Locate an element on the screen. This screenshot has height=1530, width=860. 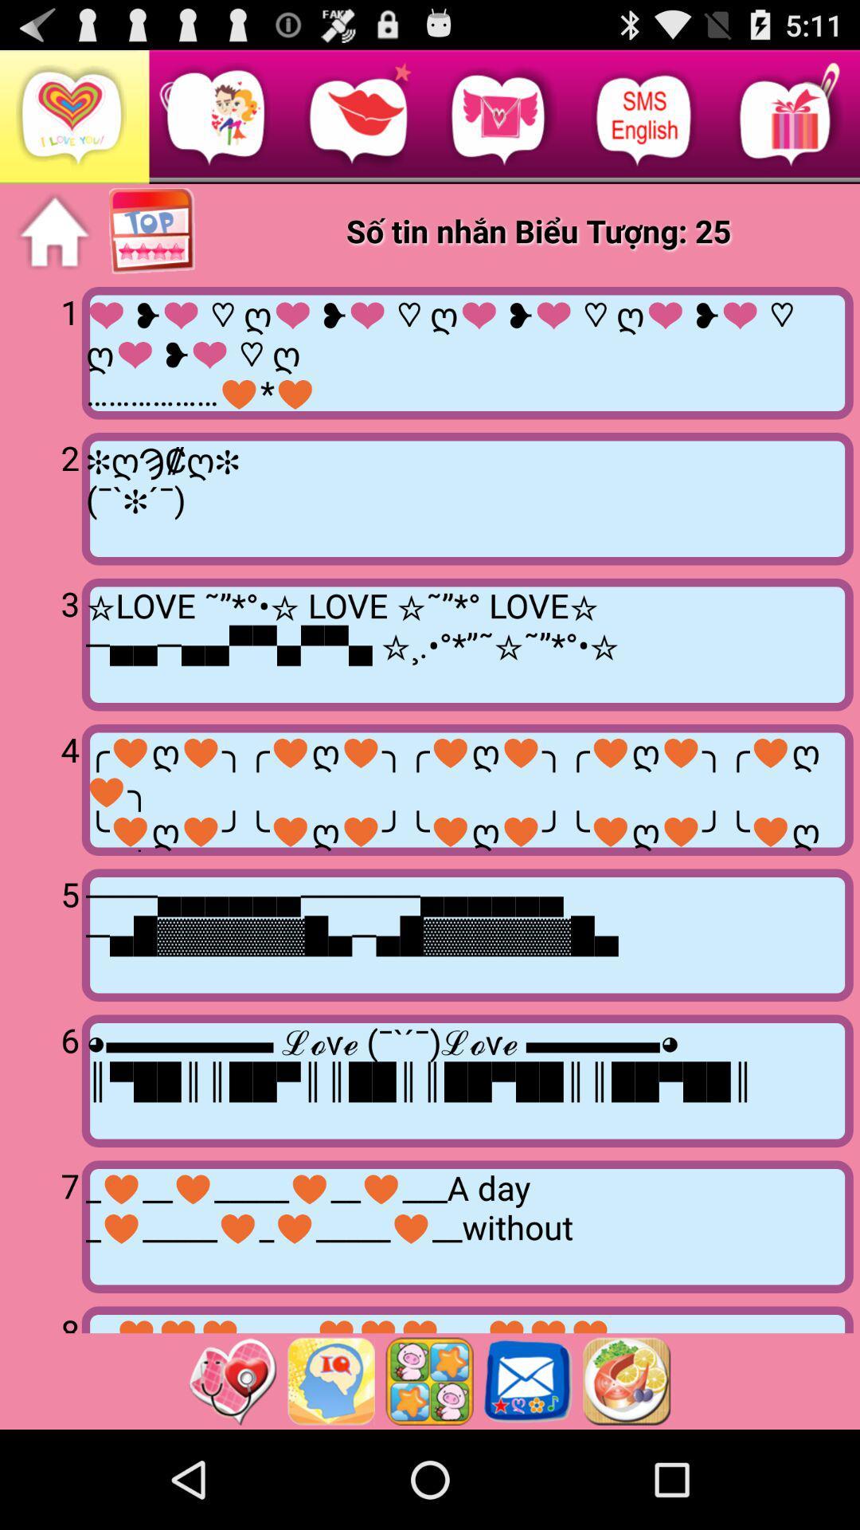
the item above the 8 is located at coordinates (43, 1224).